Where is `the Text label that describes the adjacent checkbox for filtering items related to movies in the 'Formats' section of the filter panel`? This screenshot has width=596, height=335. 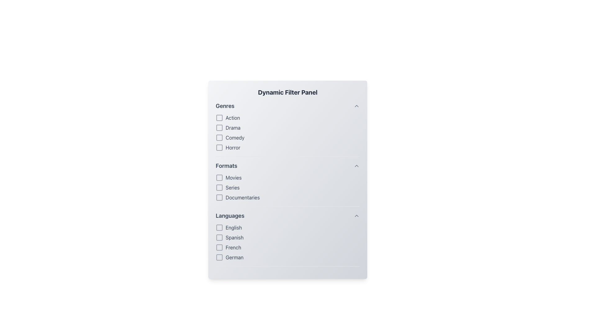
the Text label that describes the adjacent checkbox for filtering items related to movies in the 'Formats' section of the filter panel is located at coordinates (233, 178).